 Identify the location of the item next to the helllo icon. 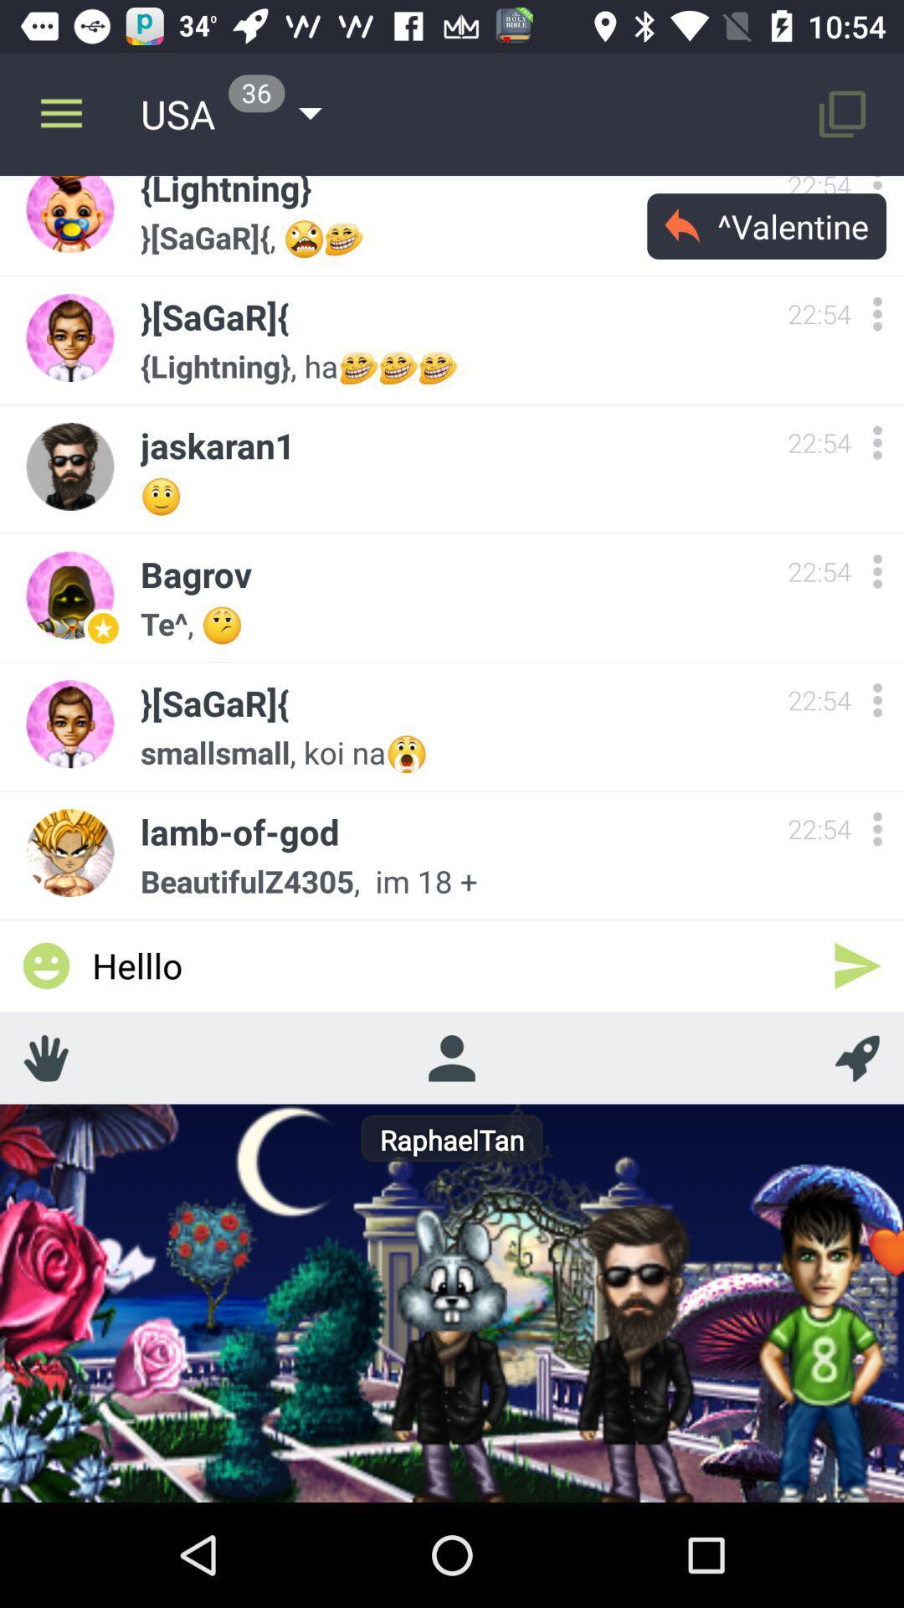
(857, 1057).